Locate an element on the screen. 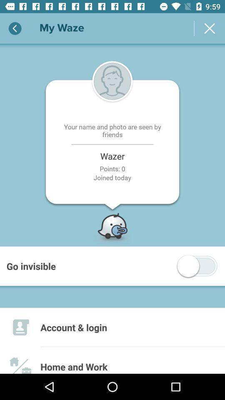 The image size is (225, 400). go back is located at coordinates (15, 28).